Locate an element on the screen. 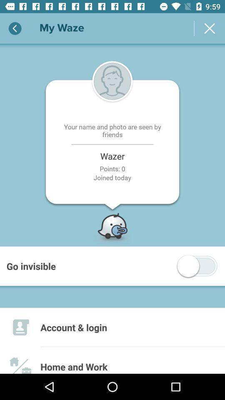 The image size is (225, 400). go back is located at coordinates (15, 28).